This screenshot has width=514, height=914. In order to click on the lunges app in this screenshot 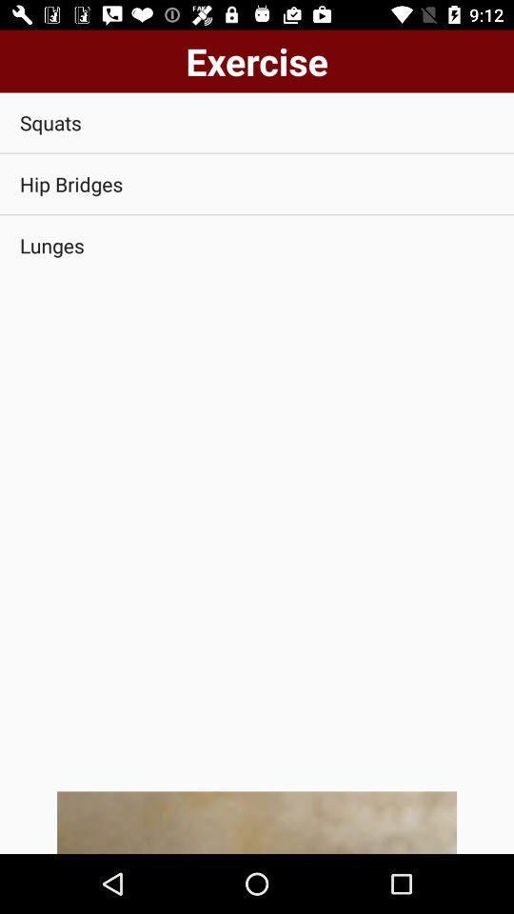, I will do `click(257, 244)`.